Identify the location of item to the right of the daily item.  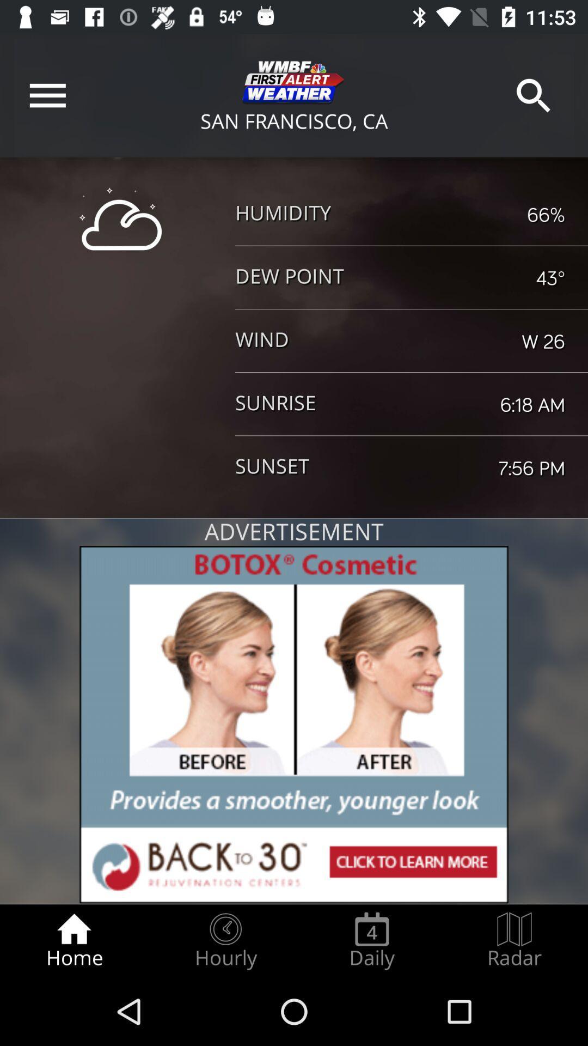
(514, 940).